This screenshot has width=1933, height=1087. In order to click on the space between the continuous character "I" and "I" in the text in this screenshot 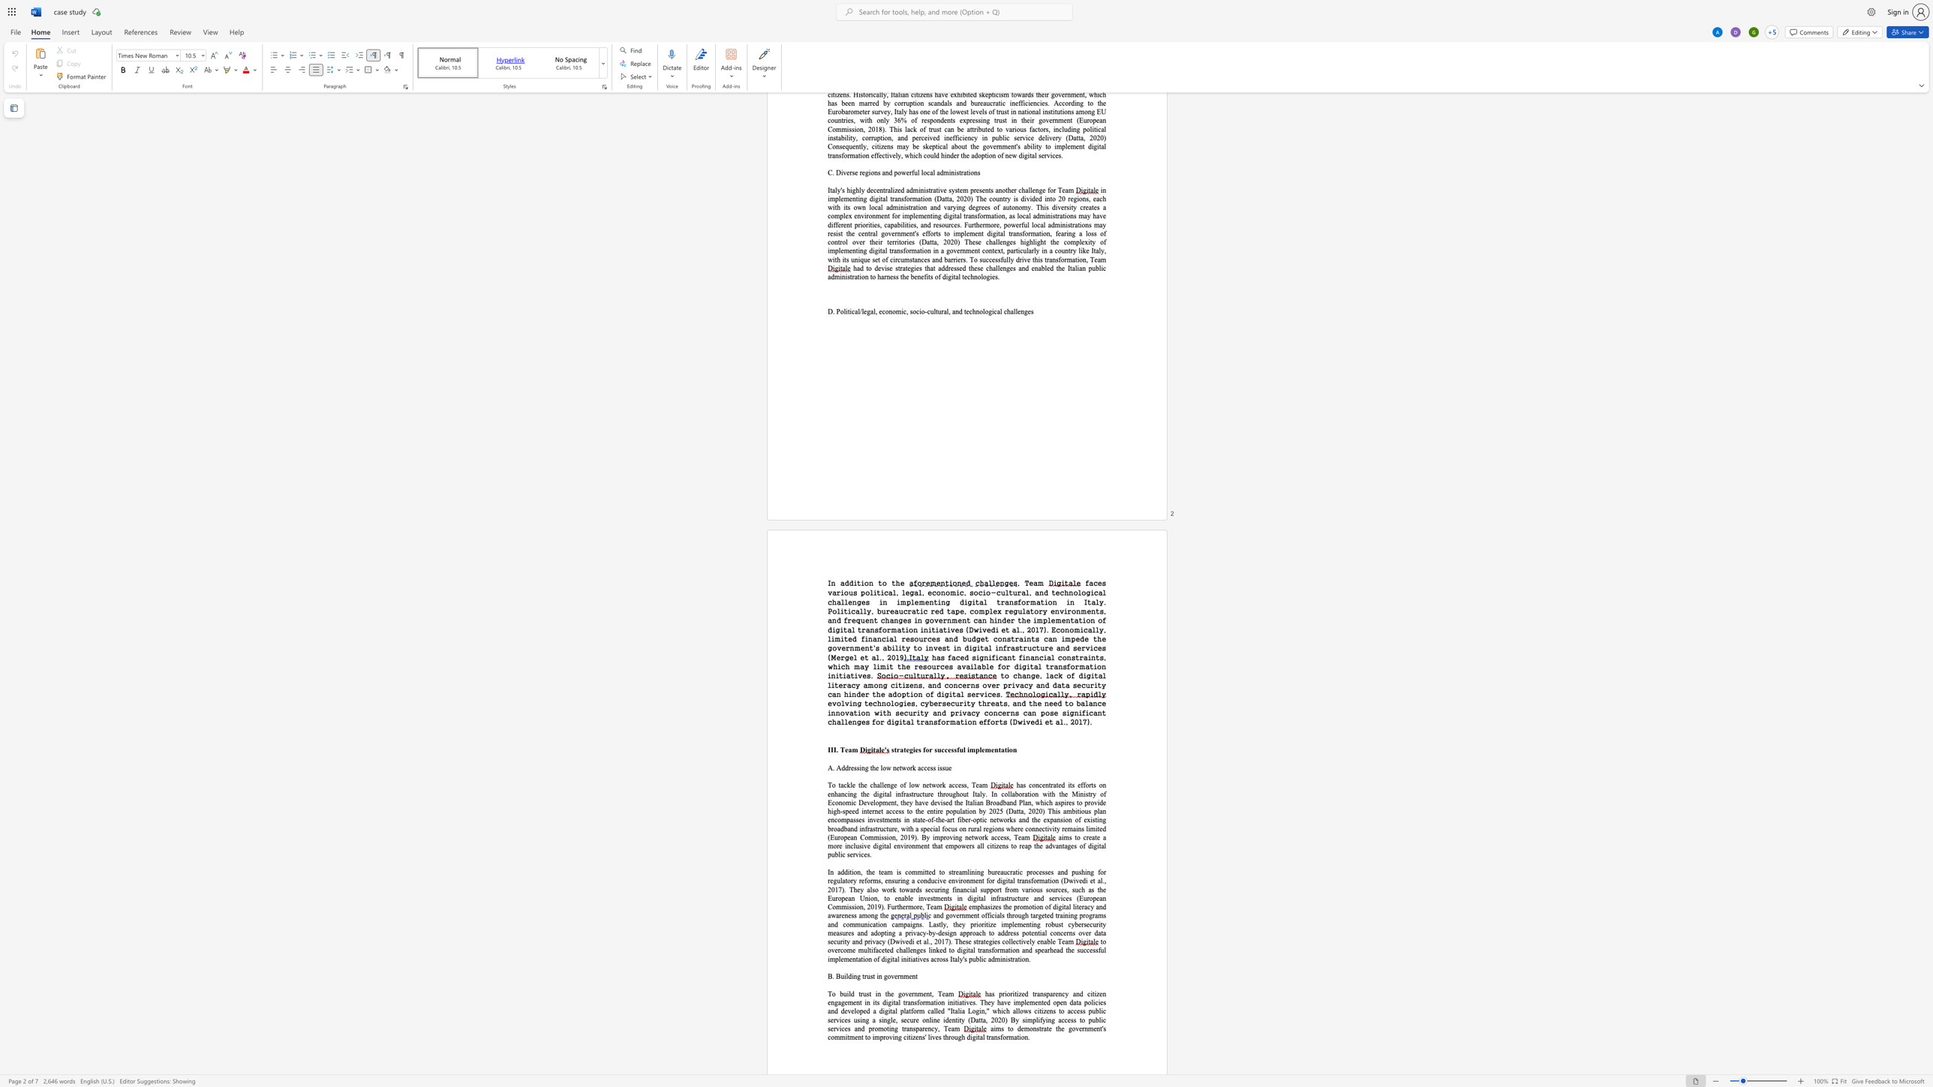, I will do `click(831, 749)`.